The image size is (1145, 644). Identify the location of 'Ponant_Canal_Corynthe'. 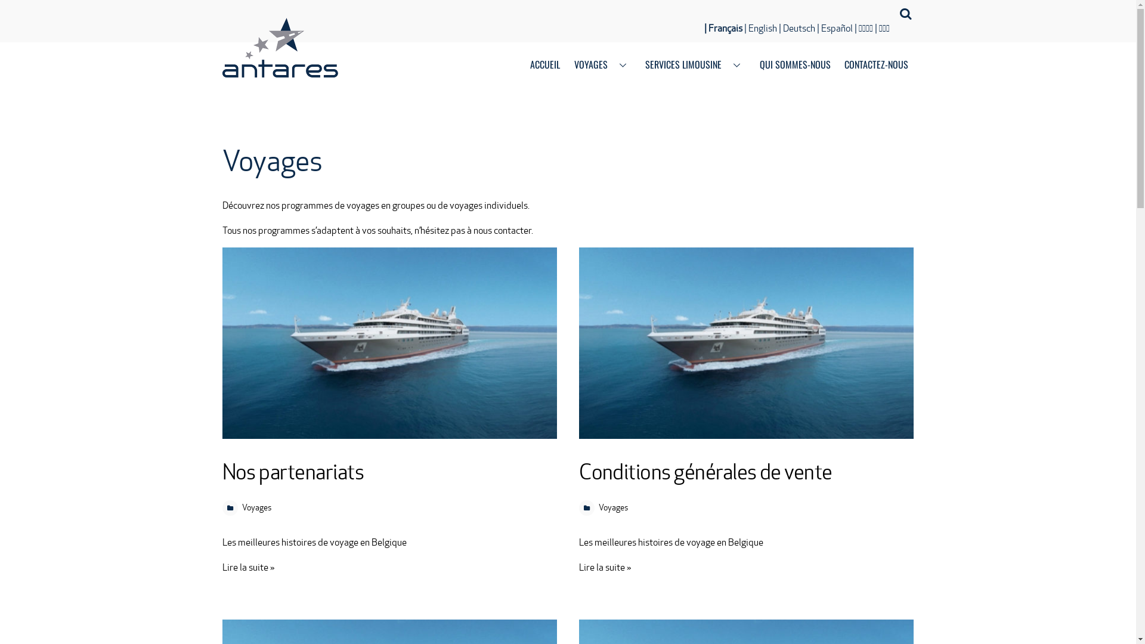
(745, 343).